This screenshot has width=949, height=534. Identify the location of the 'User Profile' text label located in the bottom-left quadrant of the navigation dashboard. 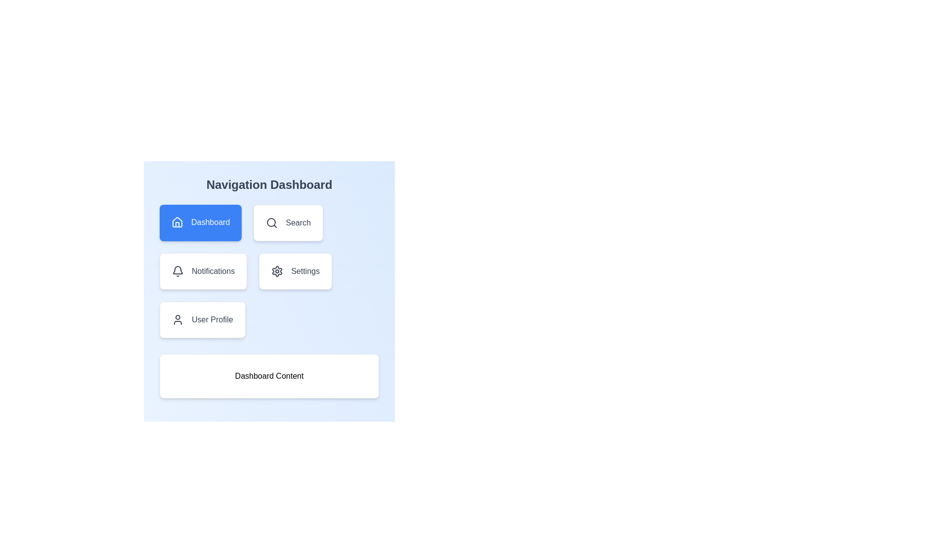
(212, 320).